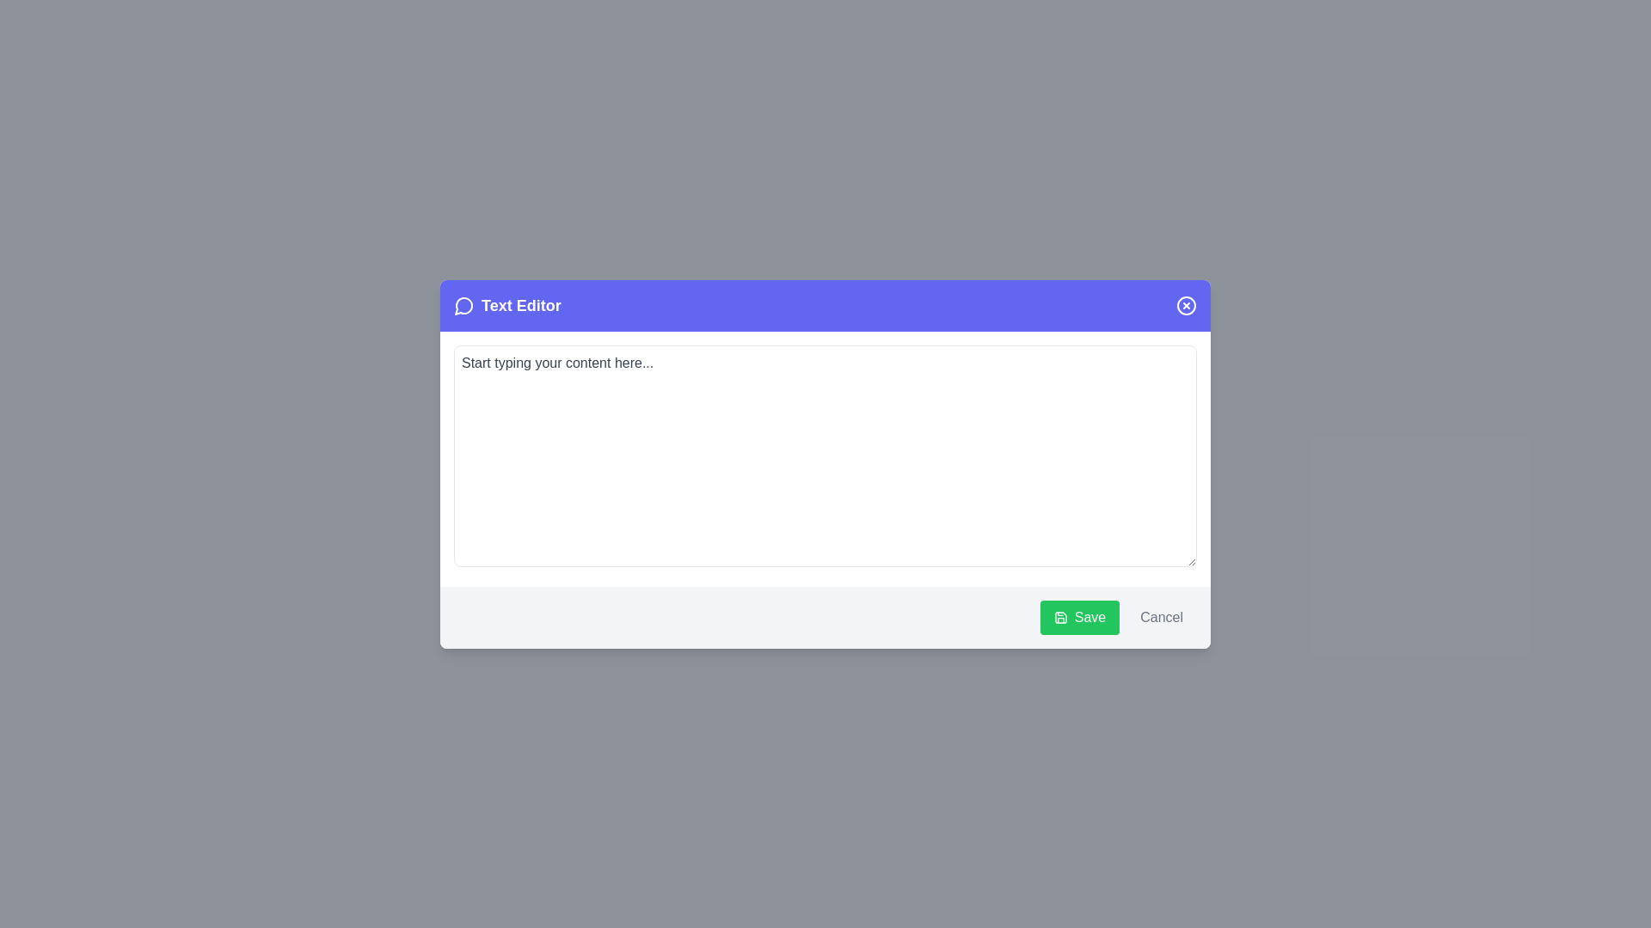 The image size is (1651, 928). Describe the element at coordinates (1161, 615) in the screenshot. I see `the cancel button to close the dialog` at that location.